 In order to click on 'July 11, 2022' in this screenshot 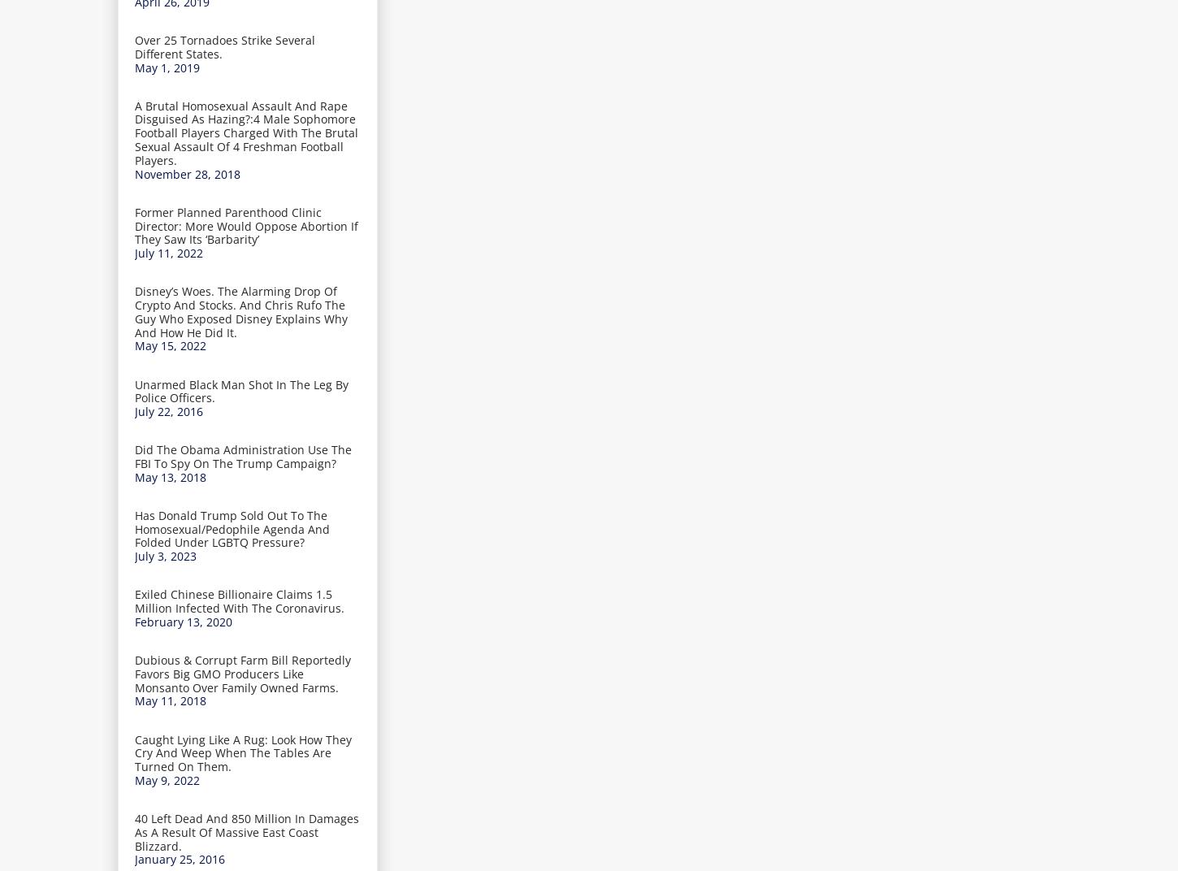, I will do `click(167, 252)`.